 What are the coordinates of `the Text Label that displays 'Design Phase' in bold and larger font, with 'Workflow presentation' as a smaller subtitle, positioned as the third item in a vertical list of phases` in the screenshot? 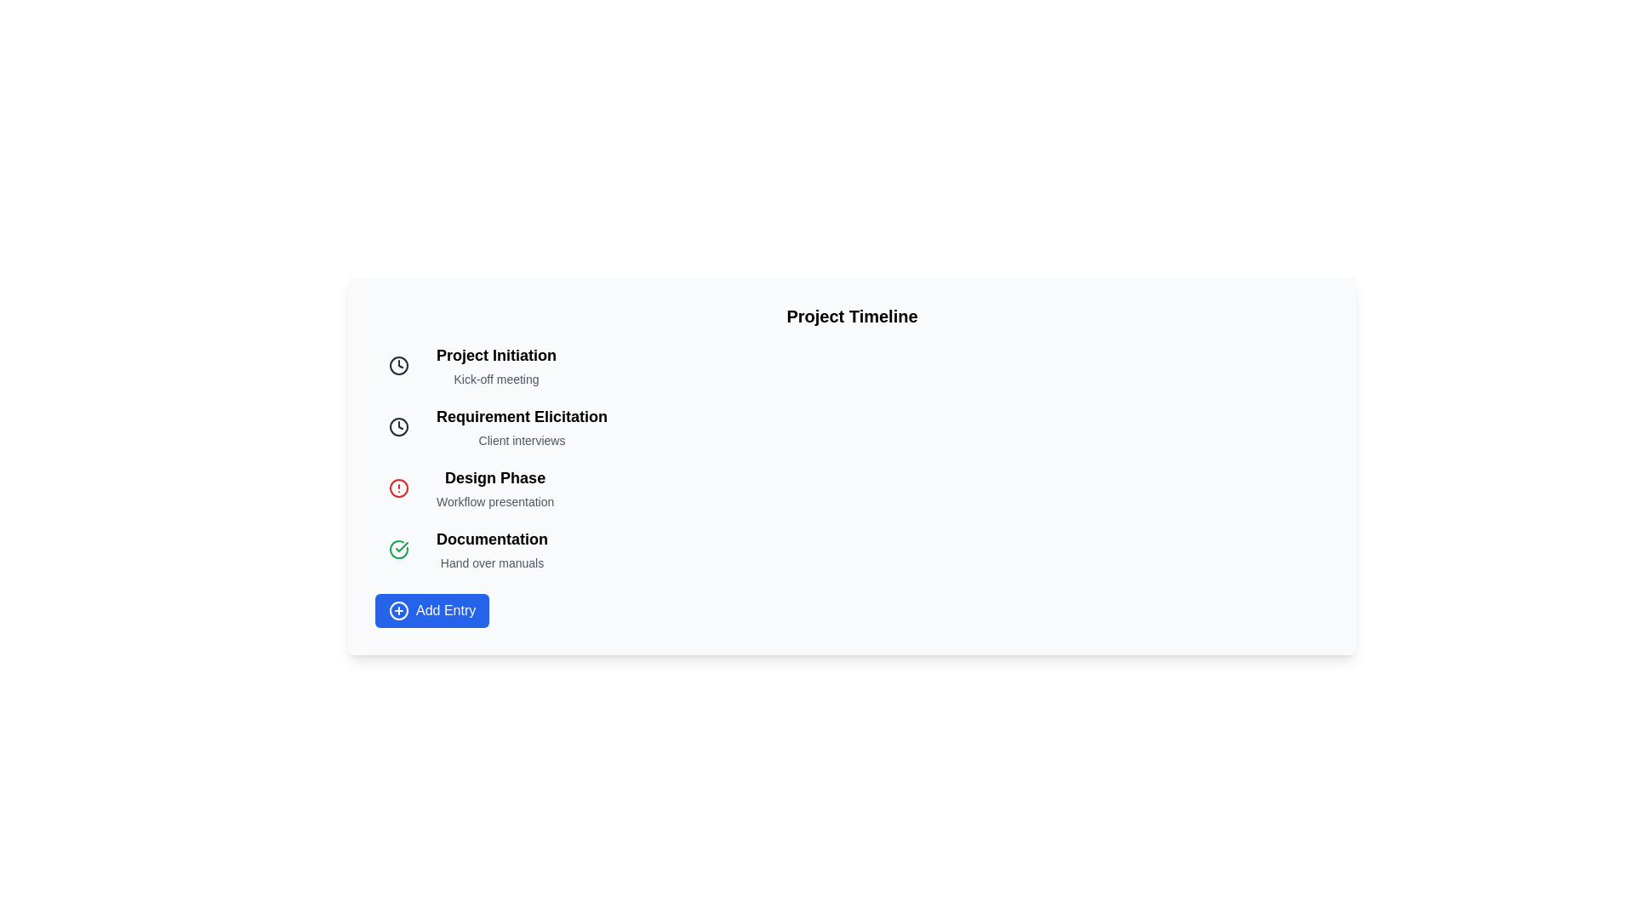 It's located at (494, 488).